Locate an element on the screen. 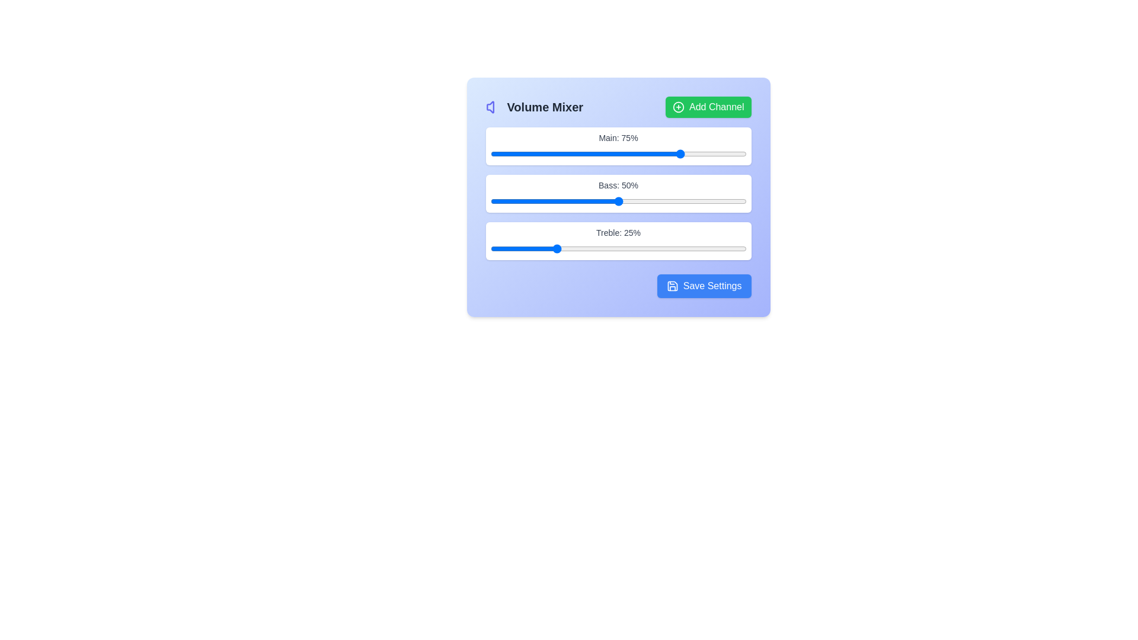 This screenshot has height=640, width=1138. treble is located at coordinates (513, 248).